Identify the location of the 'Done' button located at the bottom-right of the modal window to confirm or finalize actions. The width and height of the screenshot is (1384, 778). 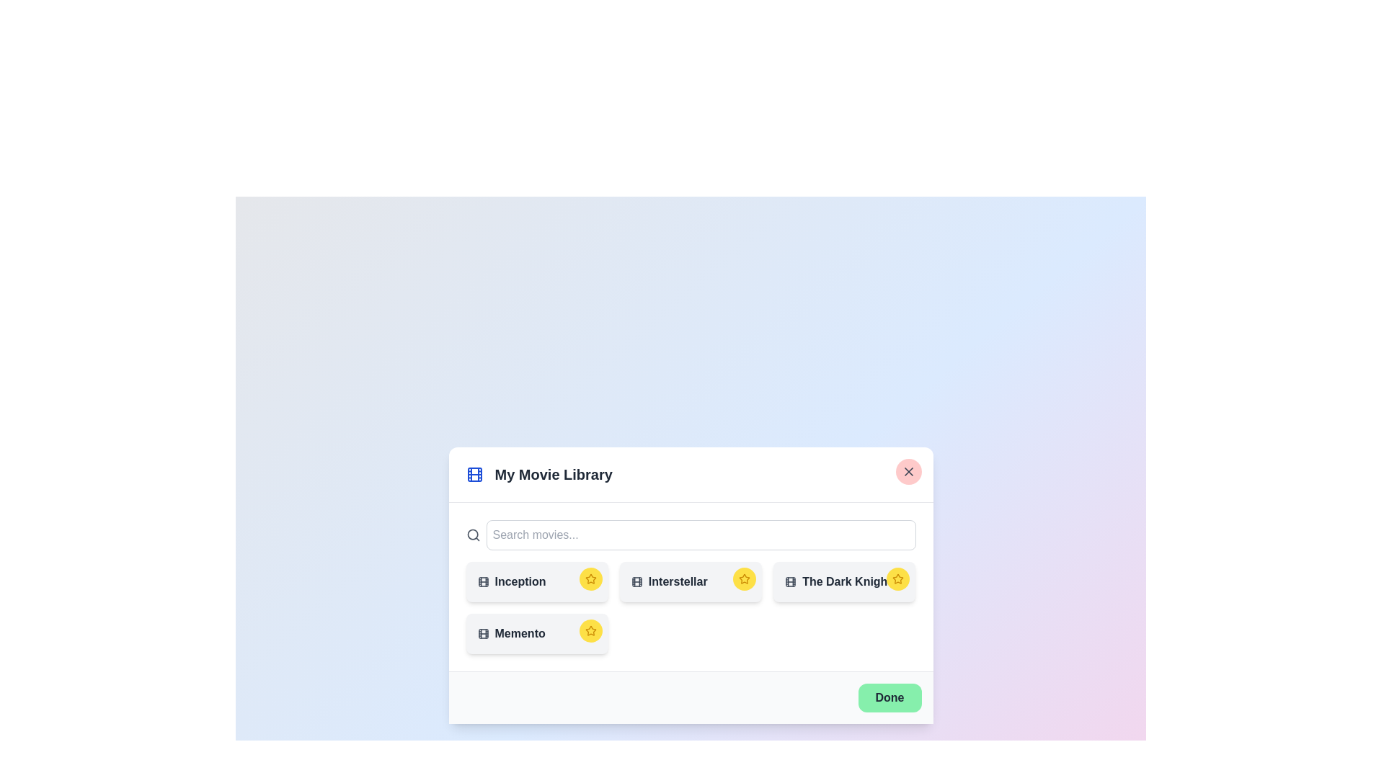
(889, 697).